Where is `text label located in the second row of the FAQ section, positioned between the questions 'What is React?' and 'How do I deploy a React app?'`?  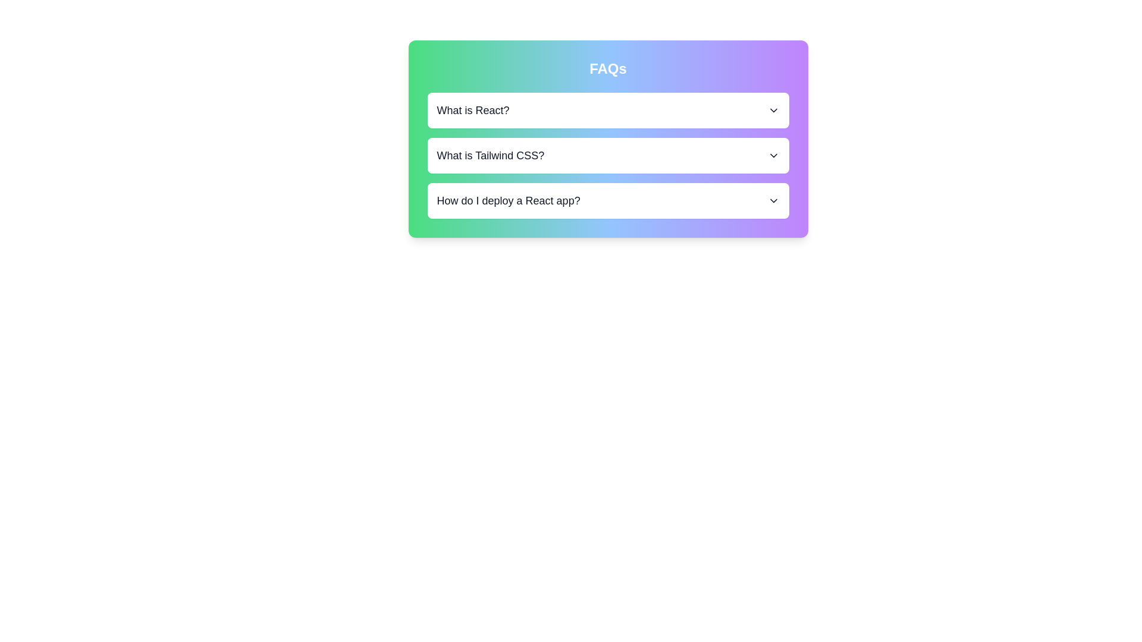
text label located in the second row of the FAQ section, positioned between the questions 'What is React?' and 'How do I deploy a React app?' is located at coordinates (490, 155).